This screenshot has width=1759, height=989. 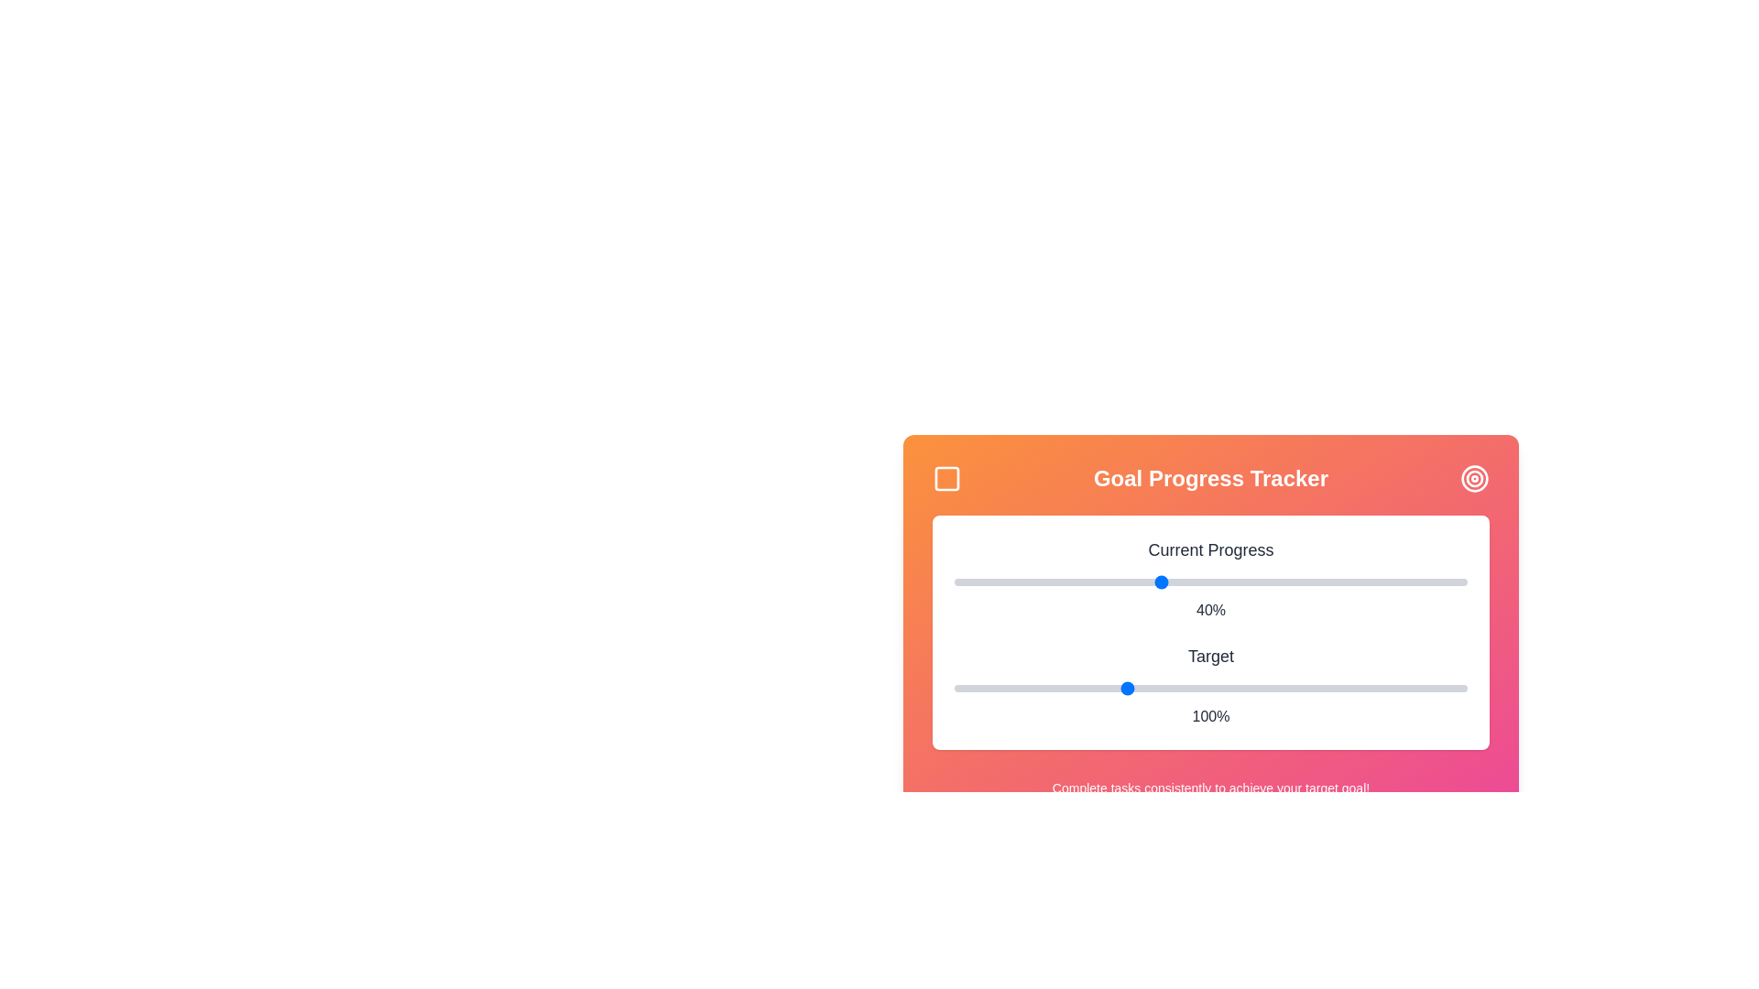 I want to click on the 'Target' slider to set its value to 182, so click(x=1404, y=689).